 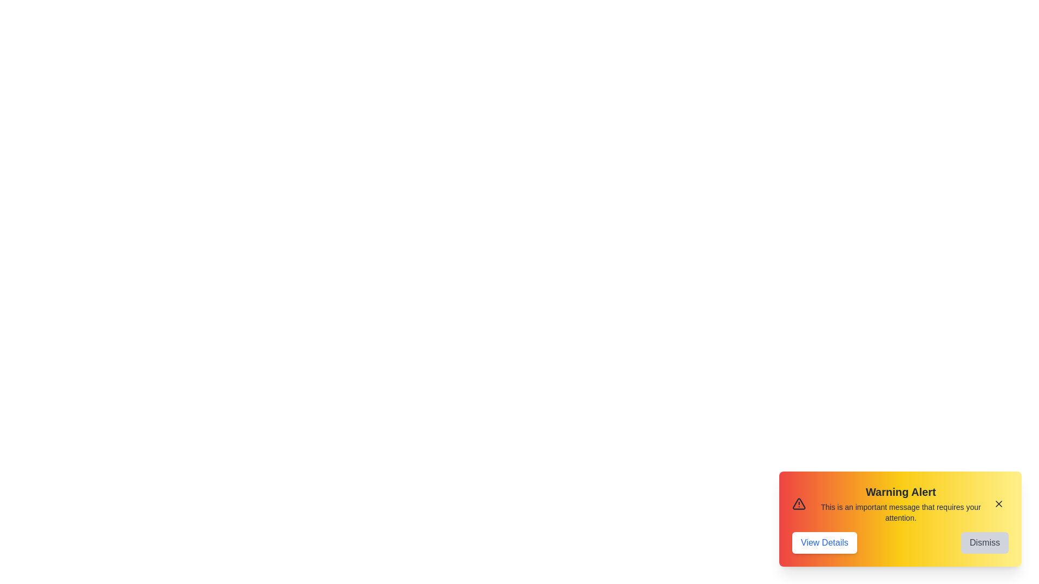 I want to click on the button View Details to observe visual feedback, so click(x=824, y=542).